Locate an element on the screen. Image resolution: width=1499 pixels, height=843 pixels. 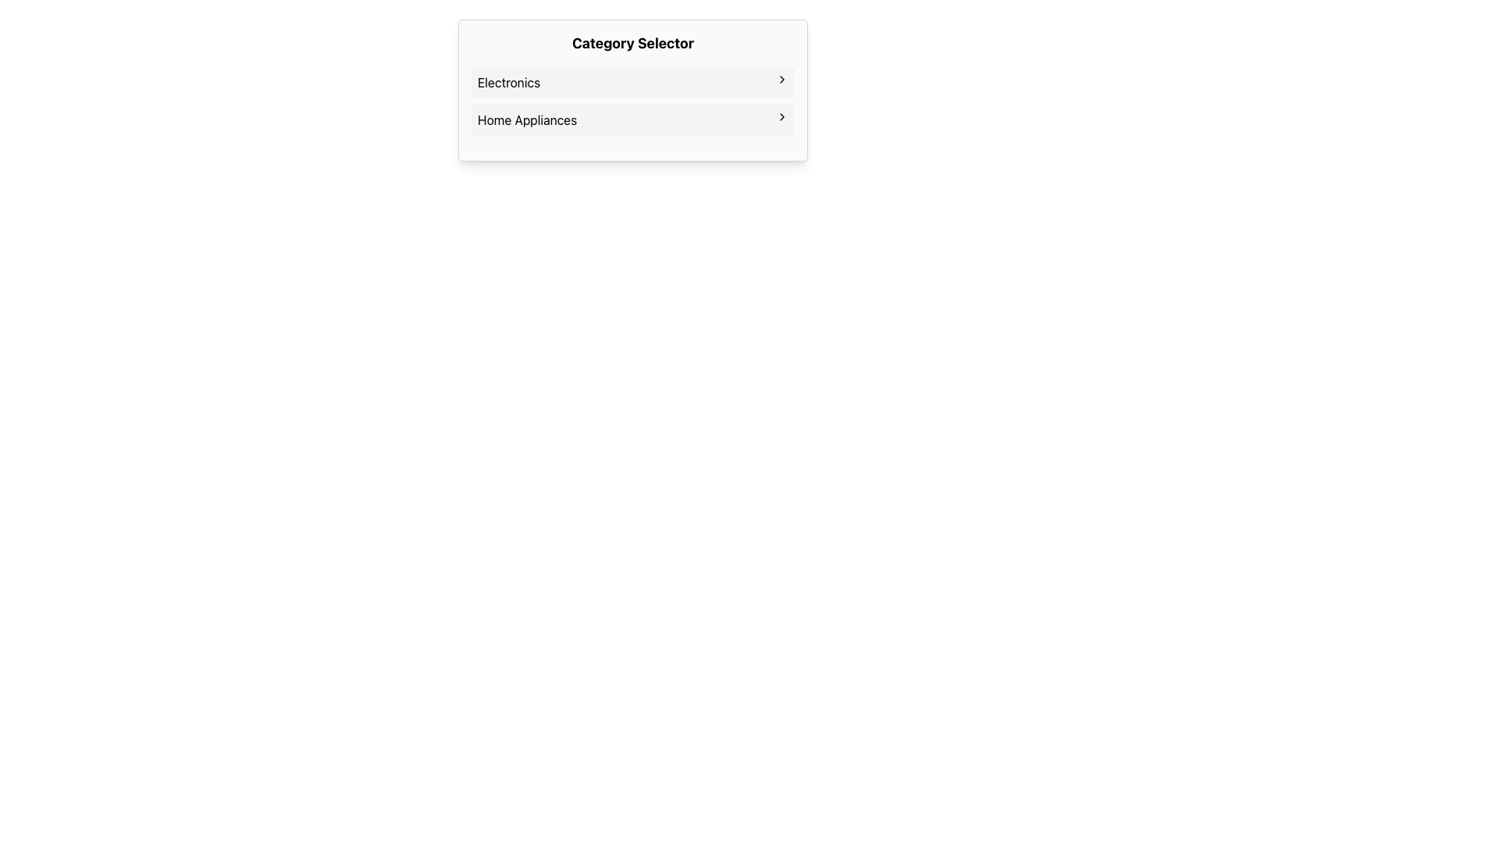
the navigation icon located at the end of the 'Electronics' option in the 'Category Selector' list is located at coordinates (782, 79).